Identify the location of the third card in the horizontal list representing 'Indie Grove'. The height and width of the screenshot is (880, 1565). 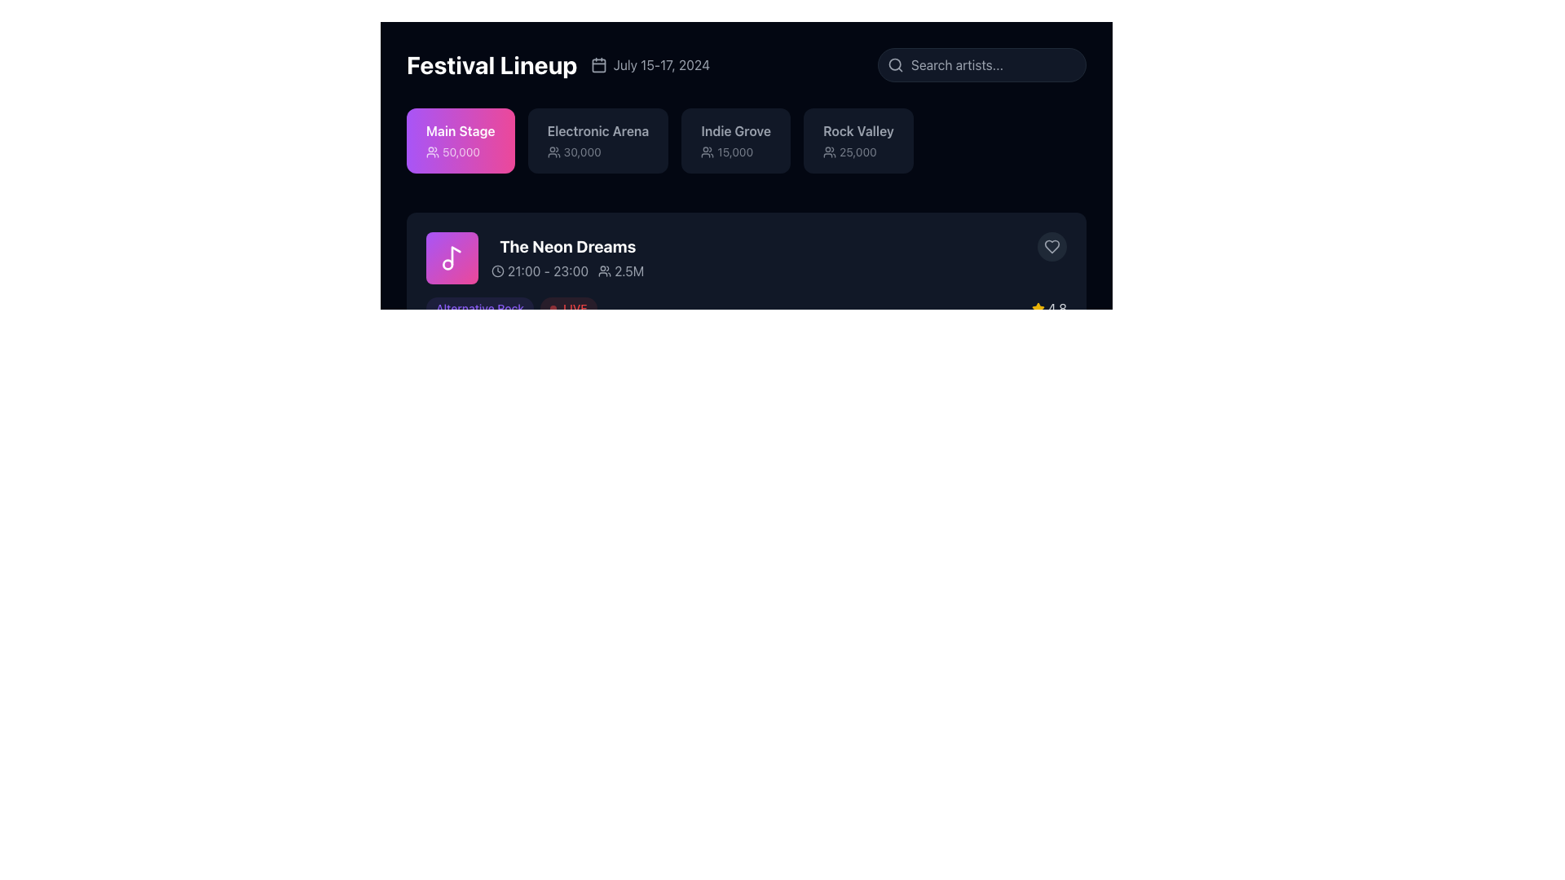
(734, 140).